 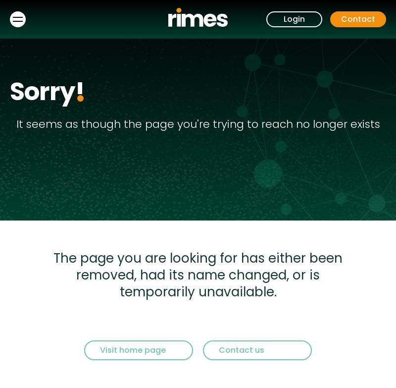 What do you see at coordinates (198, 274) in the screenshot?
I see `'removed, had its name changed, or is'` at bounding box center [198, 274].